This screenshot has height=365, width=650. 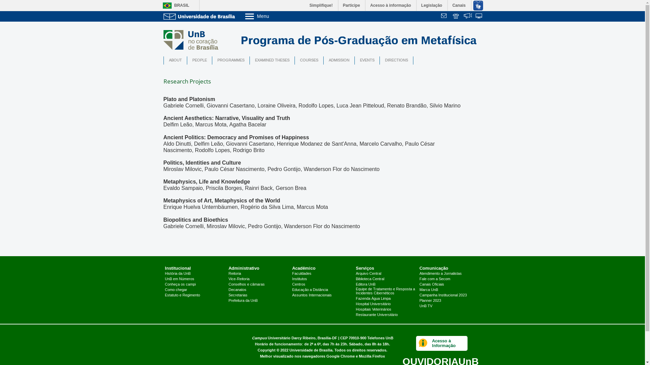 What do you see at coordinates (274, 16) in the screenshot?
I see `'Menu'` at bounding box center [274, 16].